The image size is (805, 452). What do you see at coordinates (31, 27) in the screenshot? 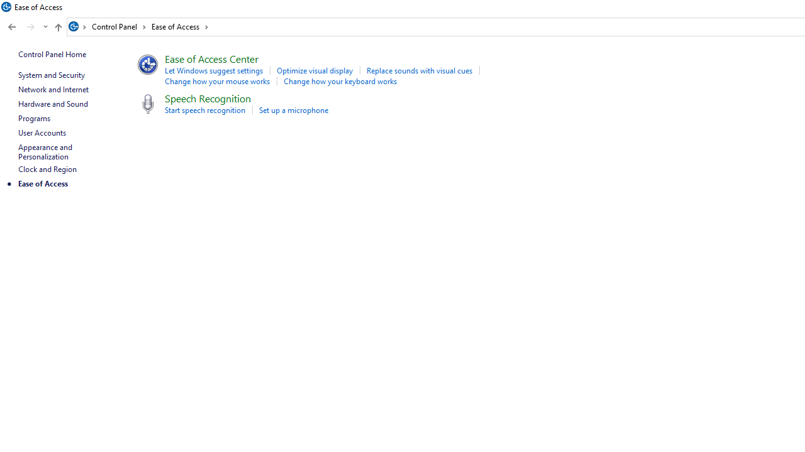
I see `'Forward (Alt + Right Arrow)'` at bounding box center [31, 27].